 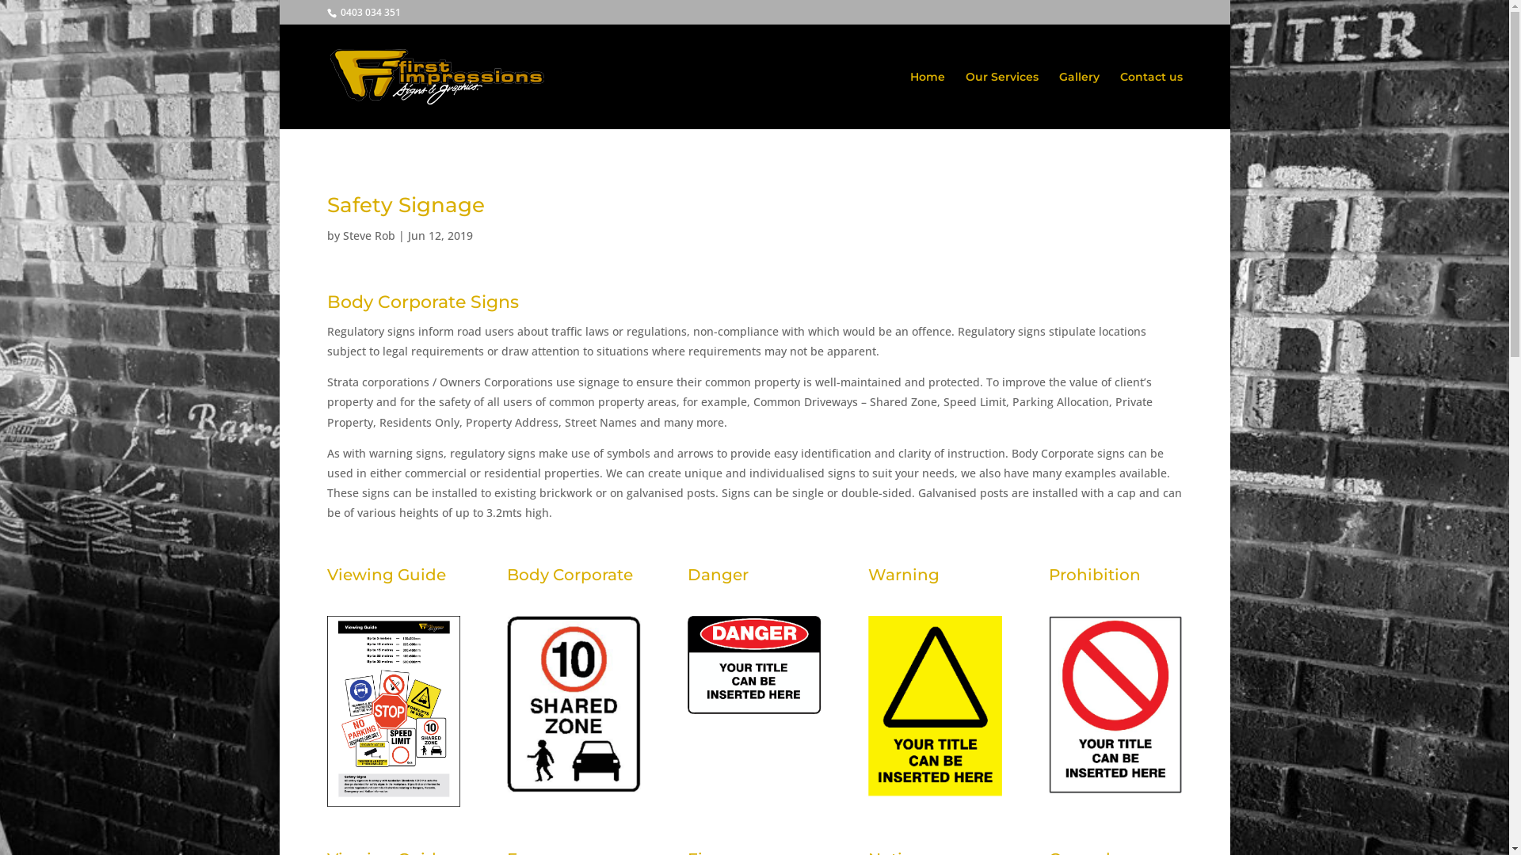 What do you see at coordinates (1000, 100) in the screenshot?
I see `'Our Services'` at bounding box center [1000, 100].